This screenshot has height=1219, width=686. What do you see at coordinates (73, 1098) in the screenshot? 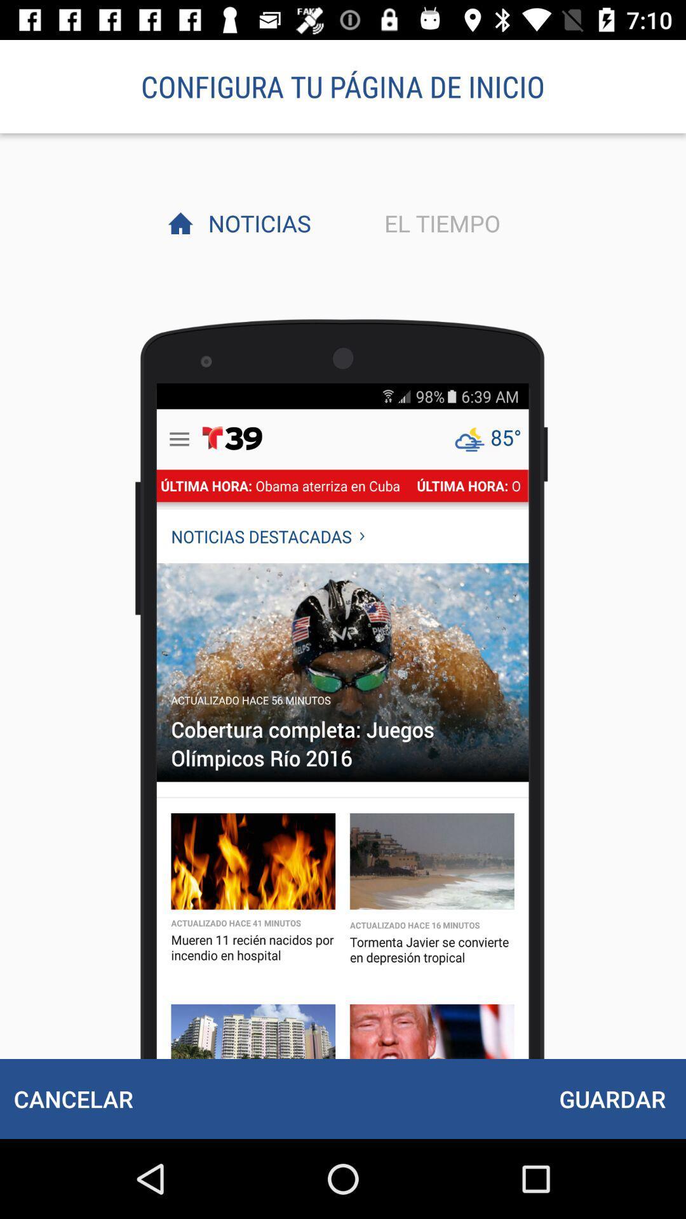
I see `item at the bottom left corner` at bounding box center [73, 1098].